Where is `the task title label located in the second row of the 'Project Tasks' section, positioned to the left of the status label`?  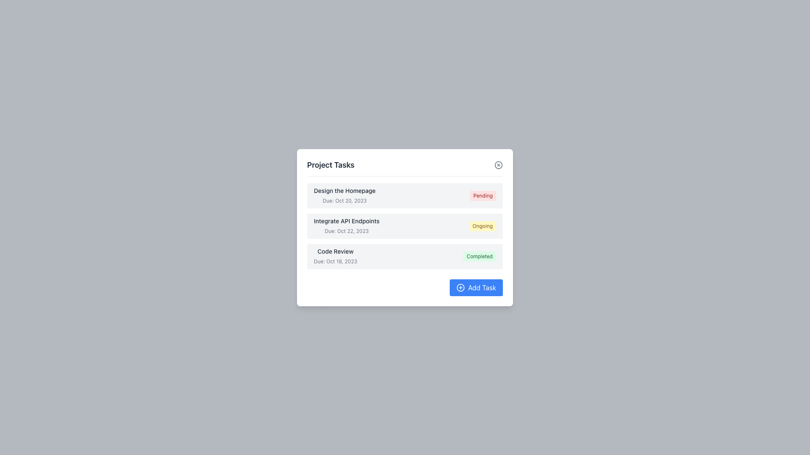 the task title label located in the second row of the 'Project Tasks' section, positioned to the left of the status label is located at coordinates (346, 220).